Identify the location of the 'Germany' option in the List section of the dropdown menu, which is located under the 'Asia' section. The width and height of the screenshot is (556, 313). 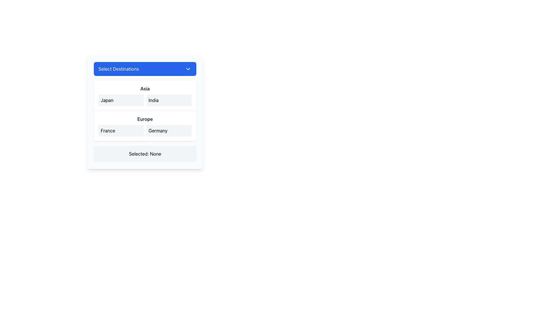
(145, 125).